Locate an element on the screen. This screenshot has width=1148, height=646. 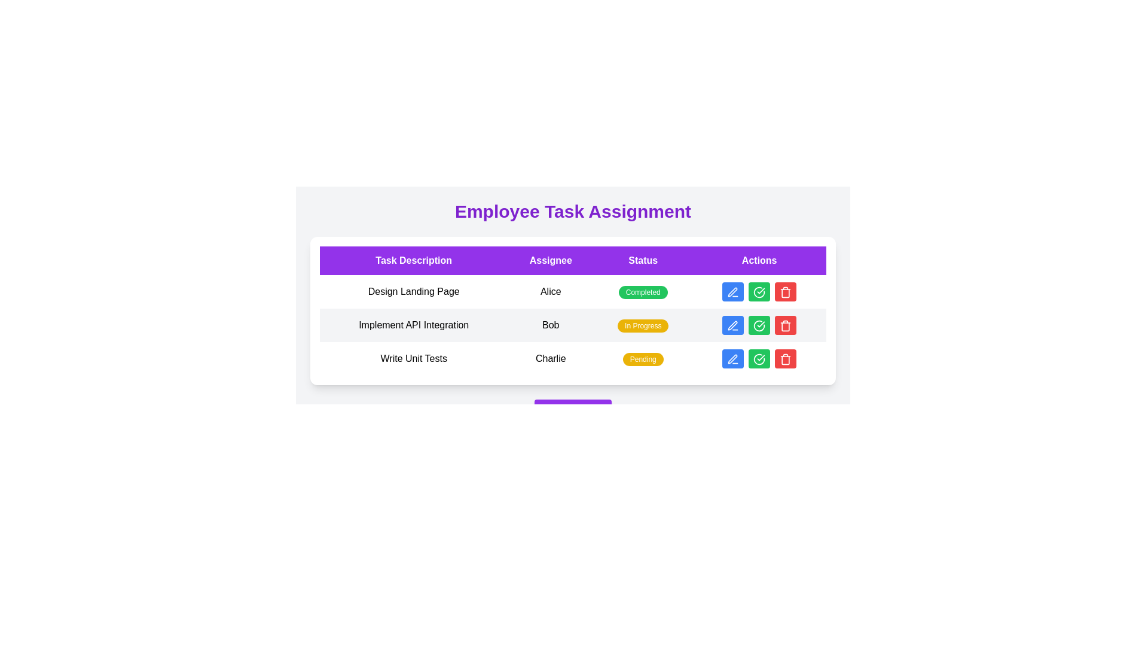
the first icon button in the 'Actions' column of the third row in the 'Employee Task Assignment' table is located at coordinates (732, 358).